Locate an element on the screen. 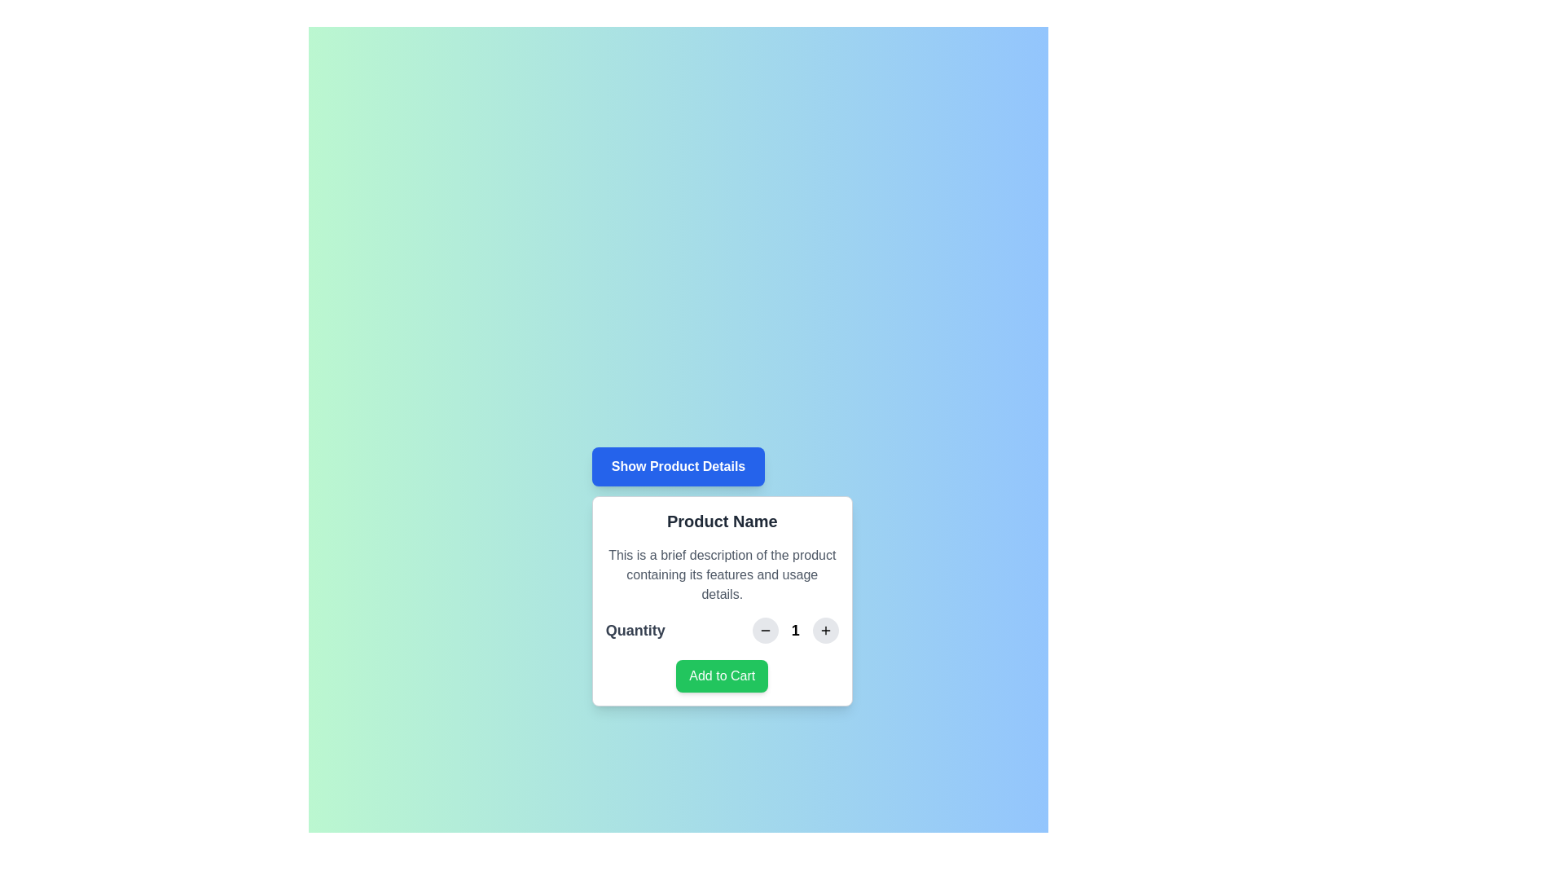  text element displaying the current quantity value '1' in the center of the quantity selector, located below 'Product Name' and flanked by minus and plus buttons is located at coordinates (795, 630).